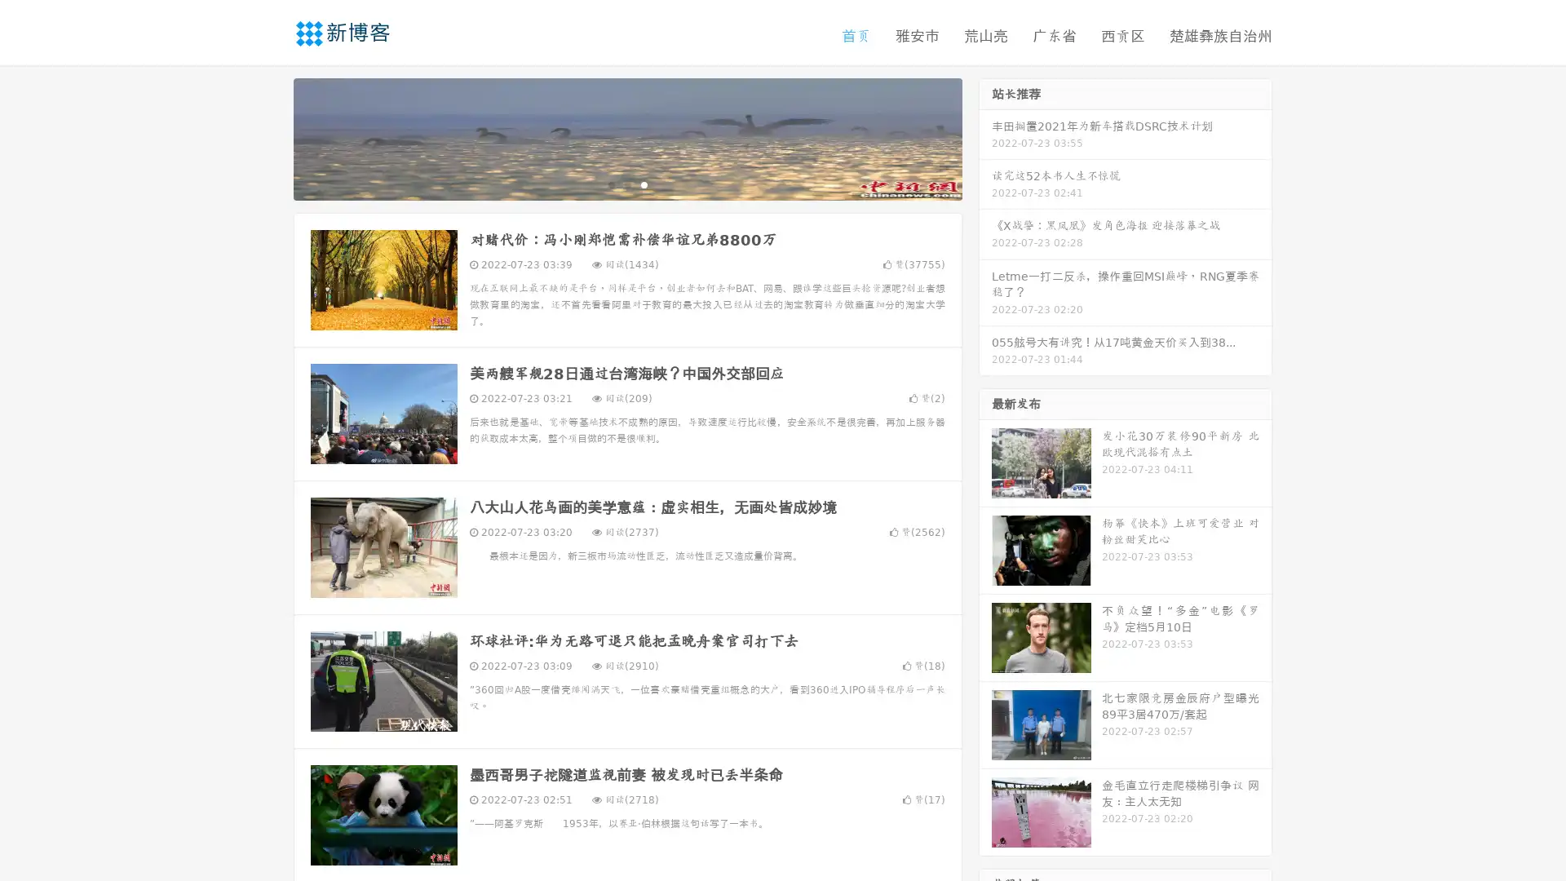  What do you see at coordinates (269, 137) in the screenshot?
I see `Previous slide` at bounding box center [269, 137].